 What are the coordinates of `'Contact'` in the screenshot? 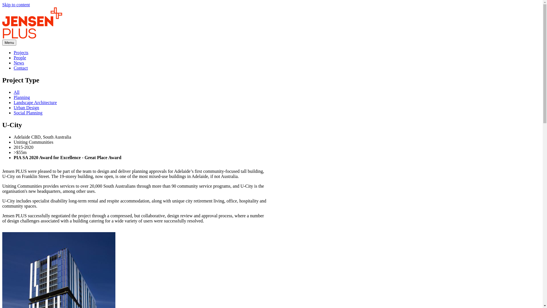 It's located at (21, 68).